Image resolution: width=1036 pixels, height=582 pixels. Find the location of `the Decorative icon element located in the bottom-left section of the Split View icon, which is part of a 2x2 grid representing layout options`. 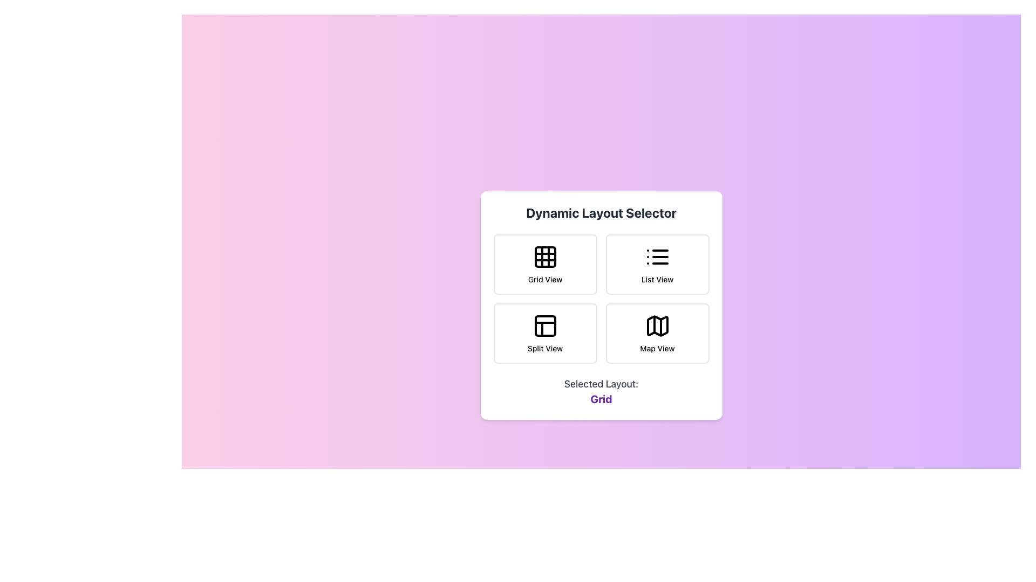

the Decorative icon element located in the bottom-left section of the Split View icon, which is part of a 2x2 grid representing layout options is located at coordinates (545, 325).